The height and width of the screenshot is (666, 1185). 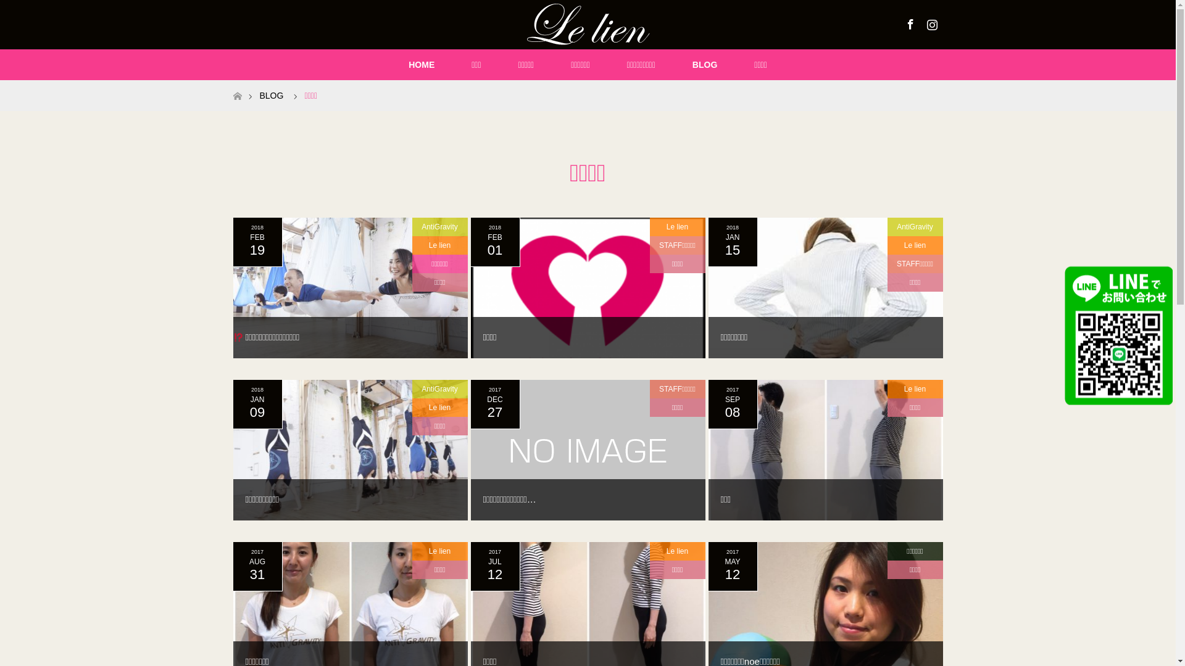 I want to click on 'AntiGravity', so click(x=440, y=226).